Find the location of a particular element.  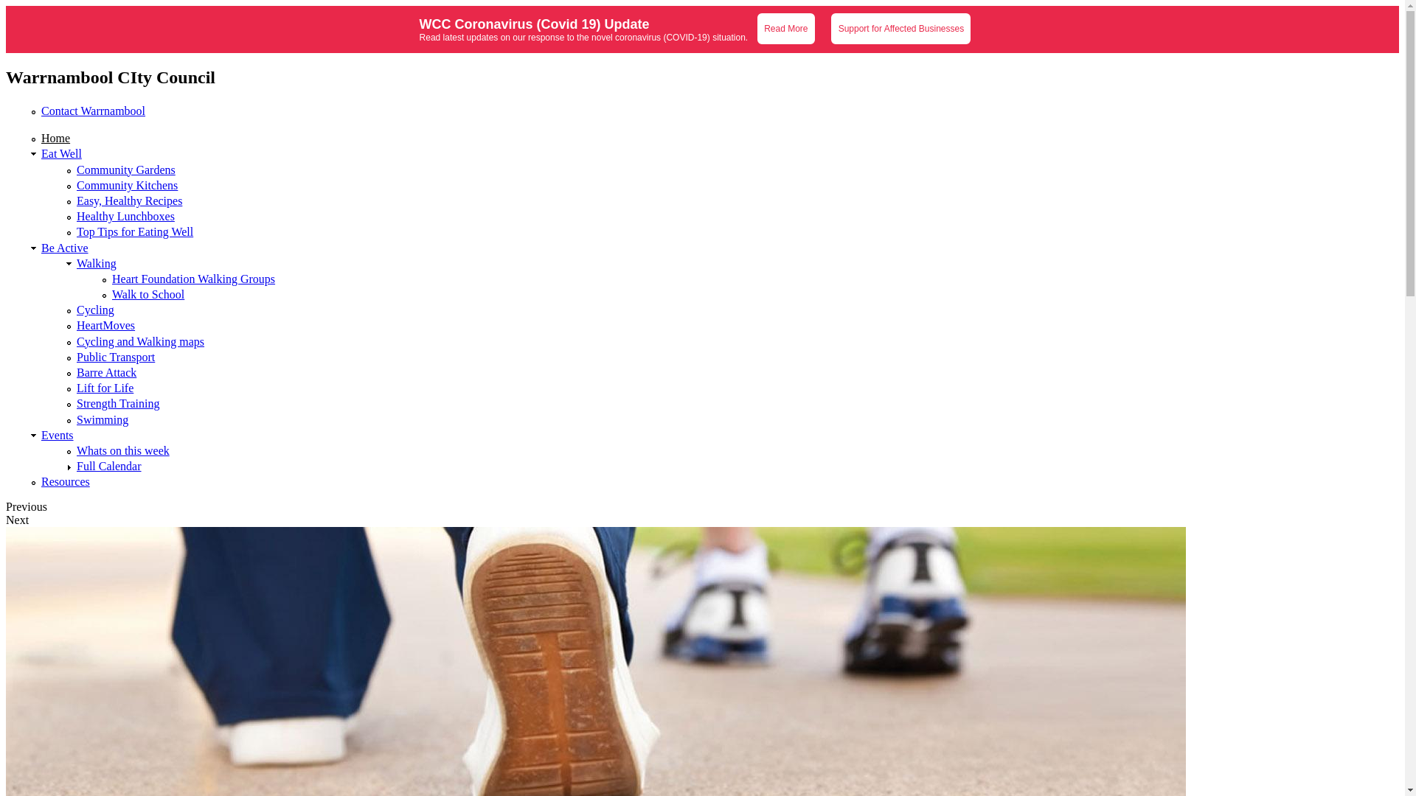

'Be Active' is located at coordinates (63, 247).